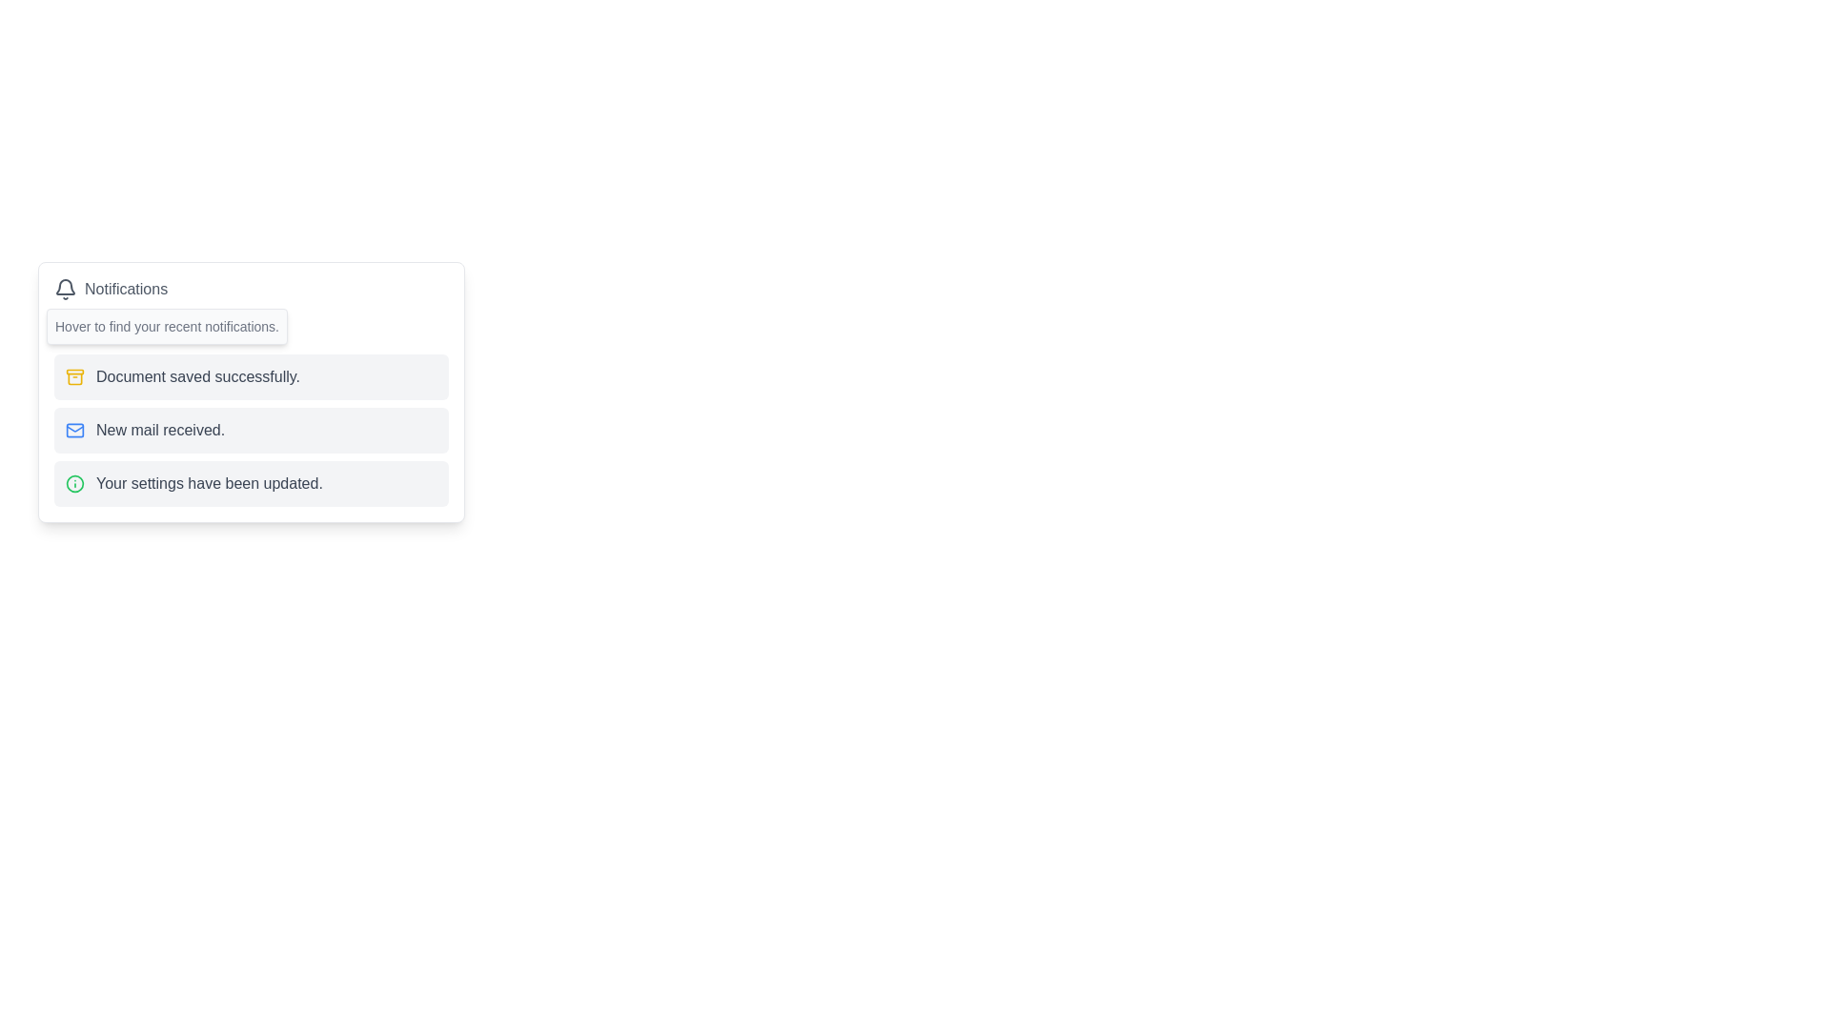 The image size is (1830, 1029). What do you see at coordinates (127, 326) in the screenshot?
I see `text from the tooltip that says 'Hover to find your recent notifications.' which appears below the Notifications label and above the list of recent notifications` at bounding box center [127, 326].